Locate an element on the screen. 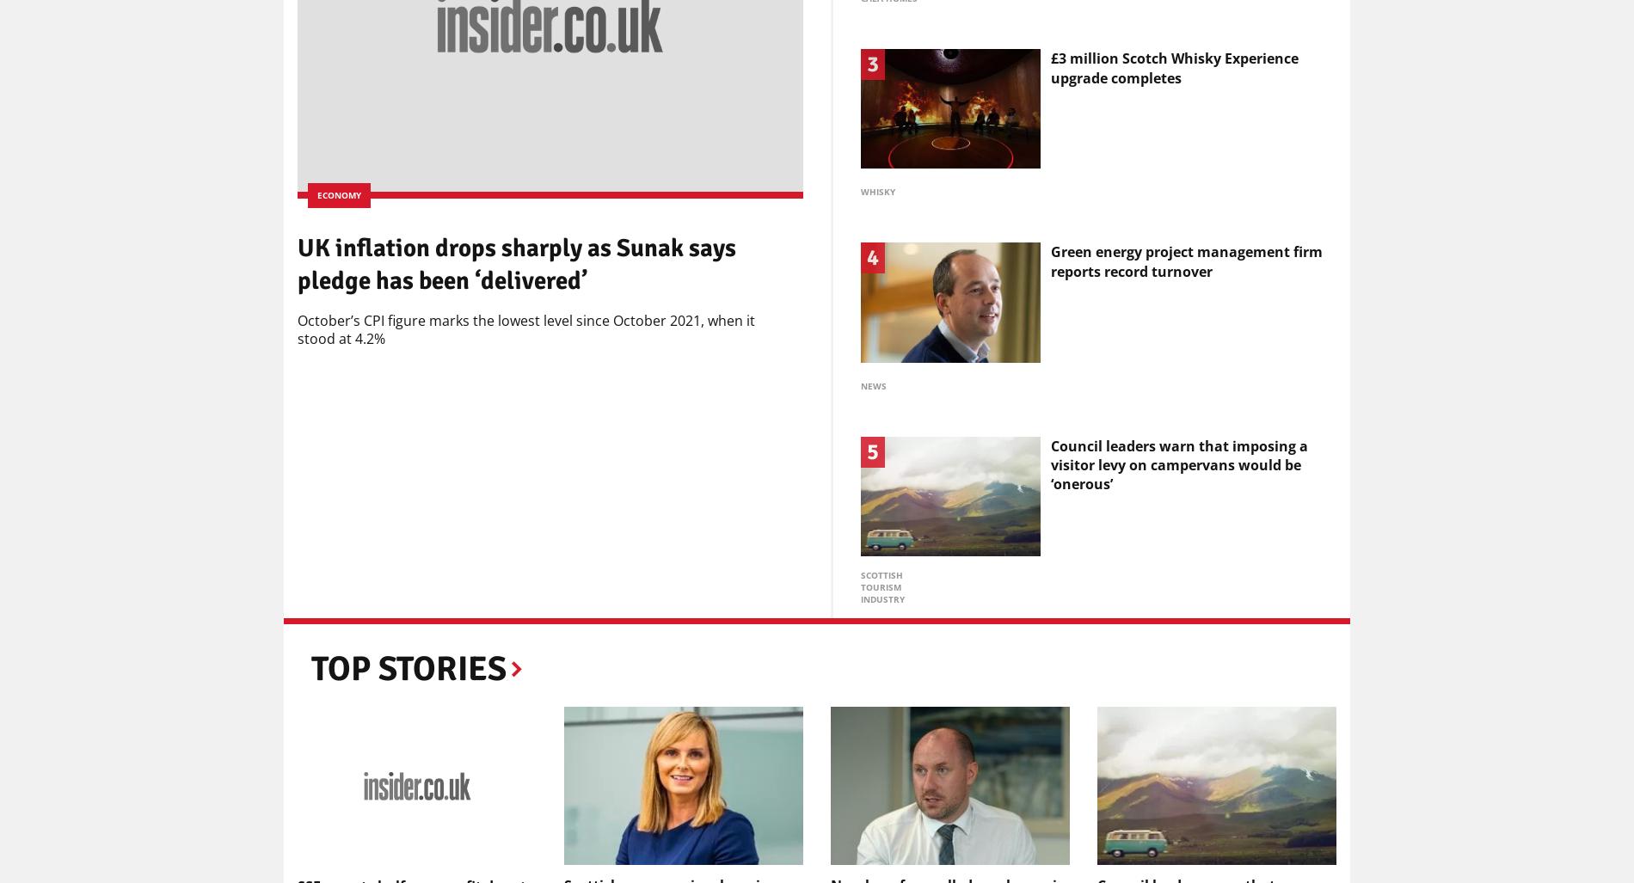  'UK inflation drops sharply as Sunak says pledge has been ‘delivered’' is located at coordinates (516, 262).